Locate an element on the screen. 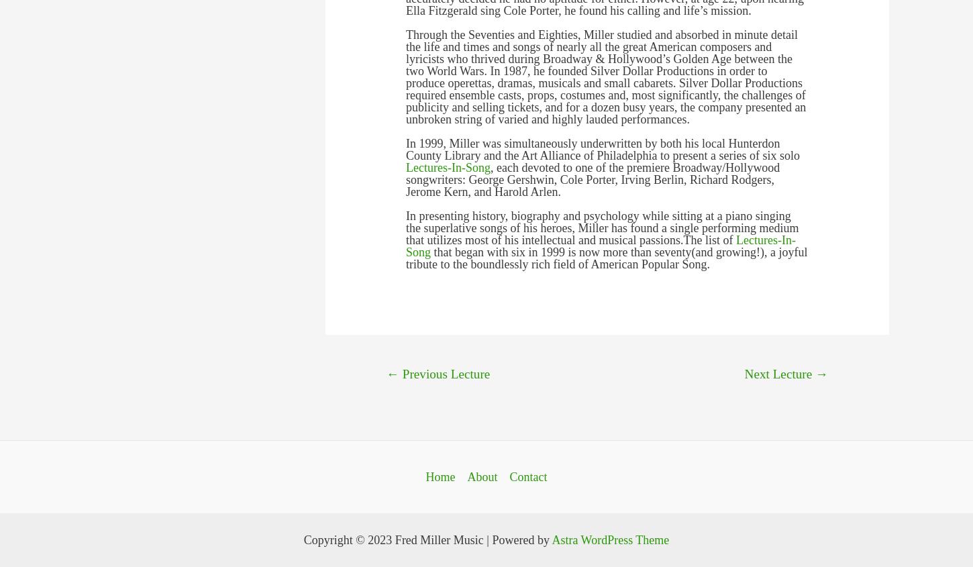 The height and width of the screenshot is (567, 973). 'Previous Lecture' is located at coordinates (399, 373).